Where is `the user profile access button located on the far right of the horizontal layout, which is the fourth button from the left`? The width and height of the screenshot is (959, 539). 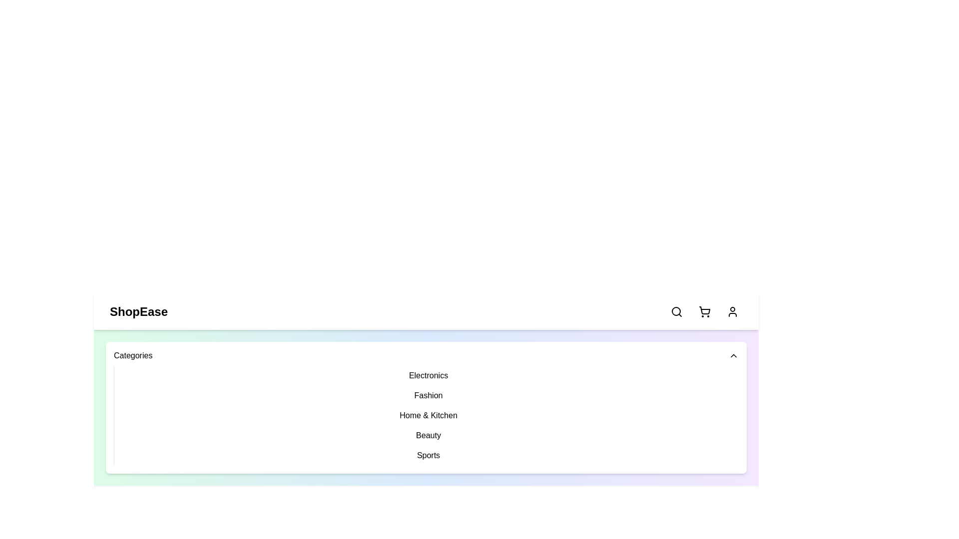 the user profile access button located on the far right of the horizontal layout, which is the fourth button from the left is located at coordinates (733, 311).